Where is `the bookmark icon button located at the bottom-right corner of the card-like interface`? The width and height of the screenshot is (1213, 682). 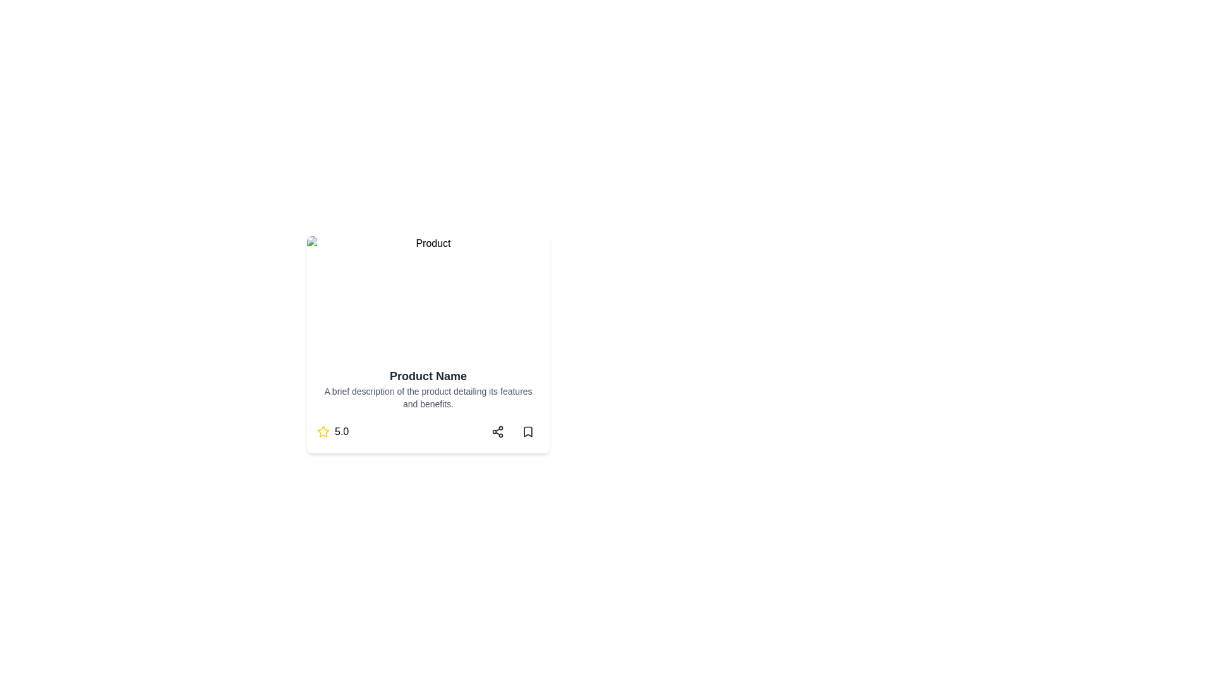 the bookmark icon button located at the bottom-right corner of the card-like interface is located at coordinates (528, 431).